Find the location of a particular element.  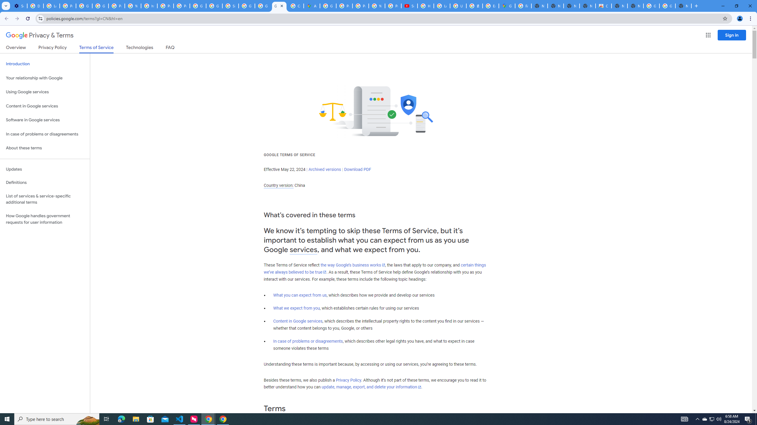

'What we expect from you' is located at coordinates (296, 308).